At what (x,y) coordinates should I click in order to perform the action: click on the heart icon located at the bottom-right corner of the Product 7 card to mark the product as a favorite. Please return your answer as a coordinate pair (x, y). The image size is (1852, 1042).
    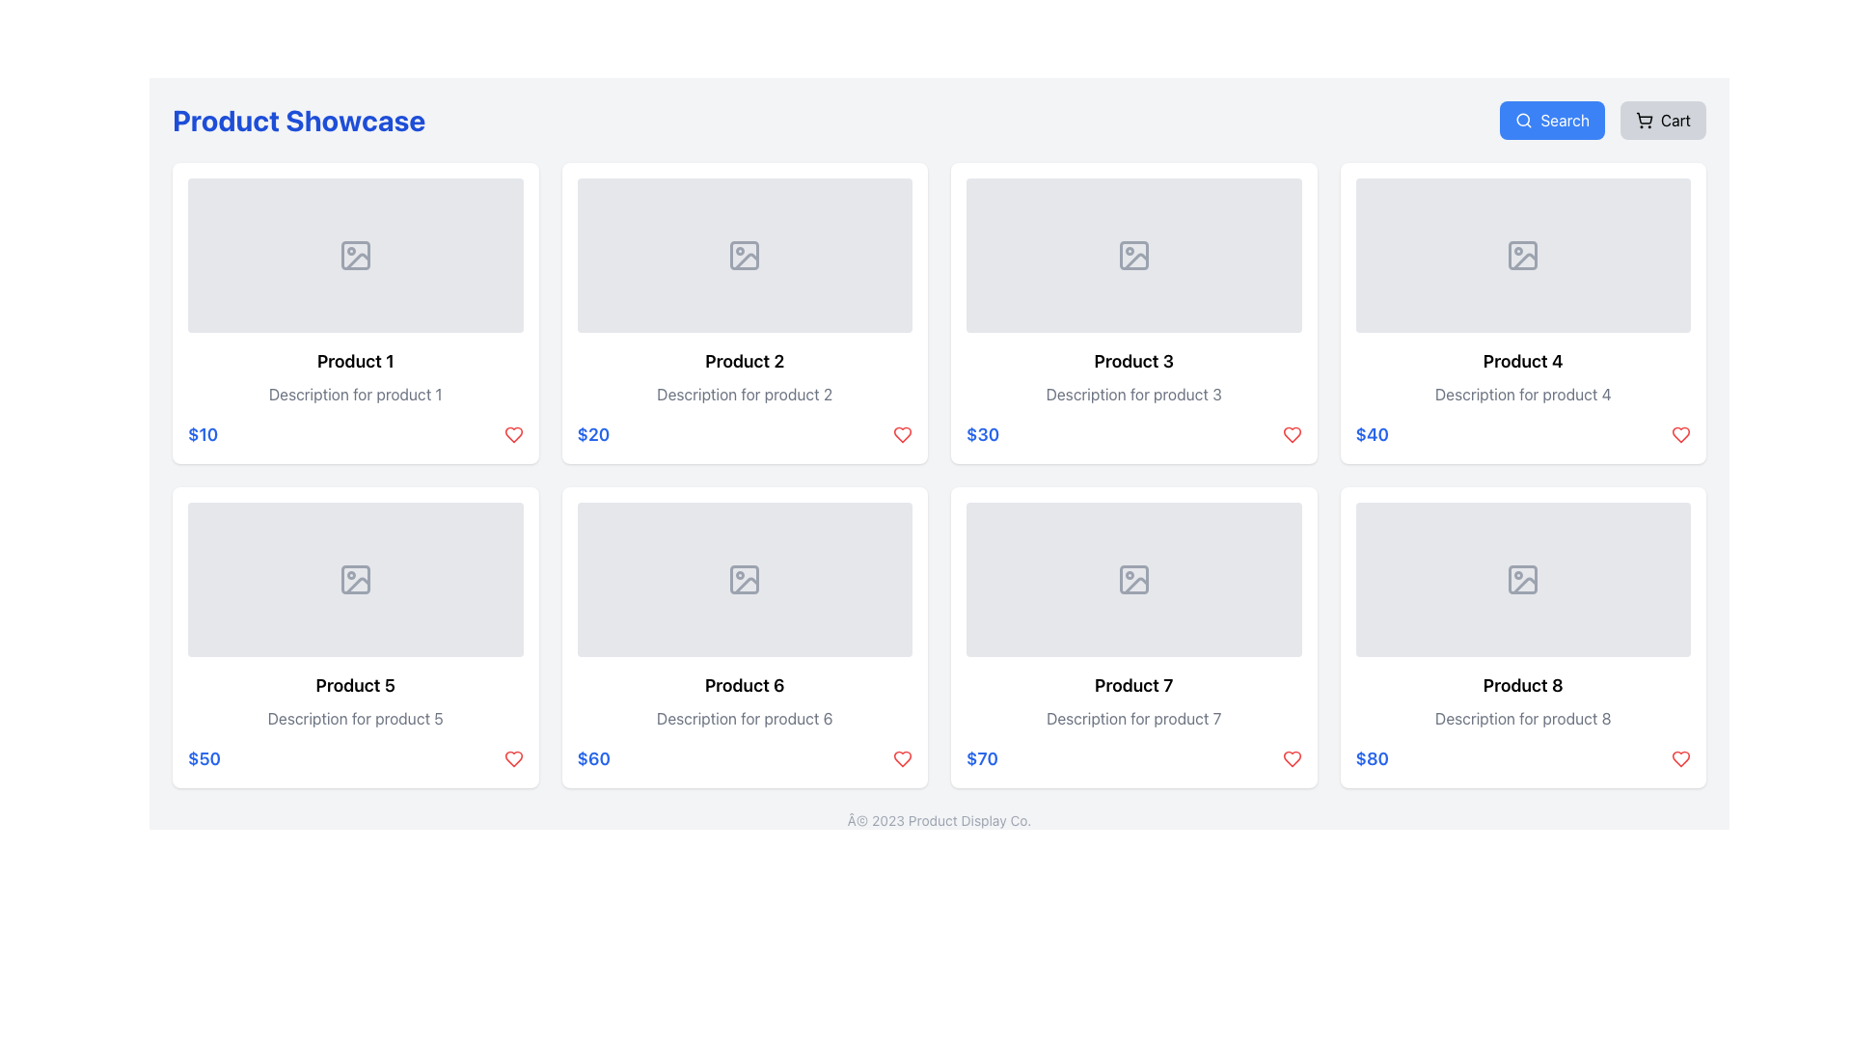
    Looking at the image, I should click on (1292, 757).